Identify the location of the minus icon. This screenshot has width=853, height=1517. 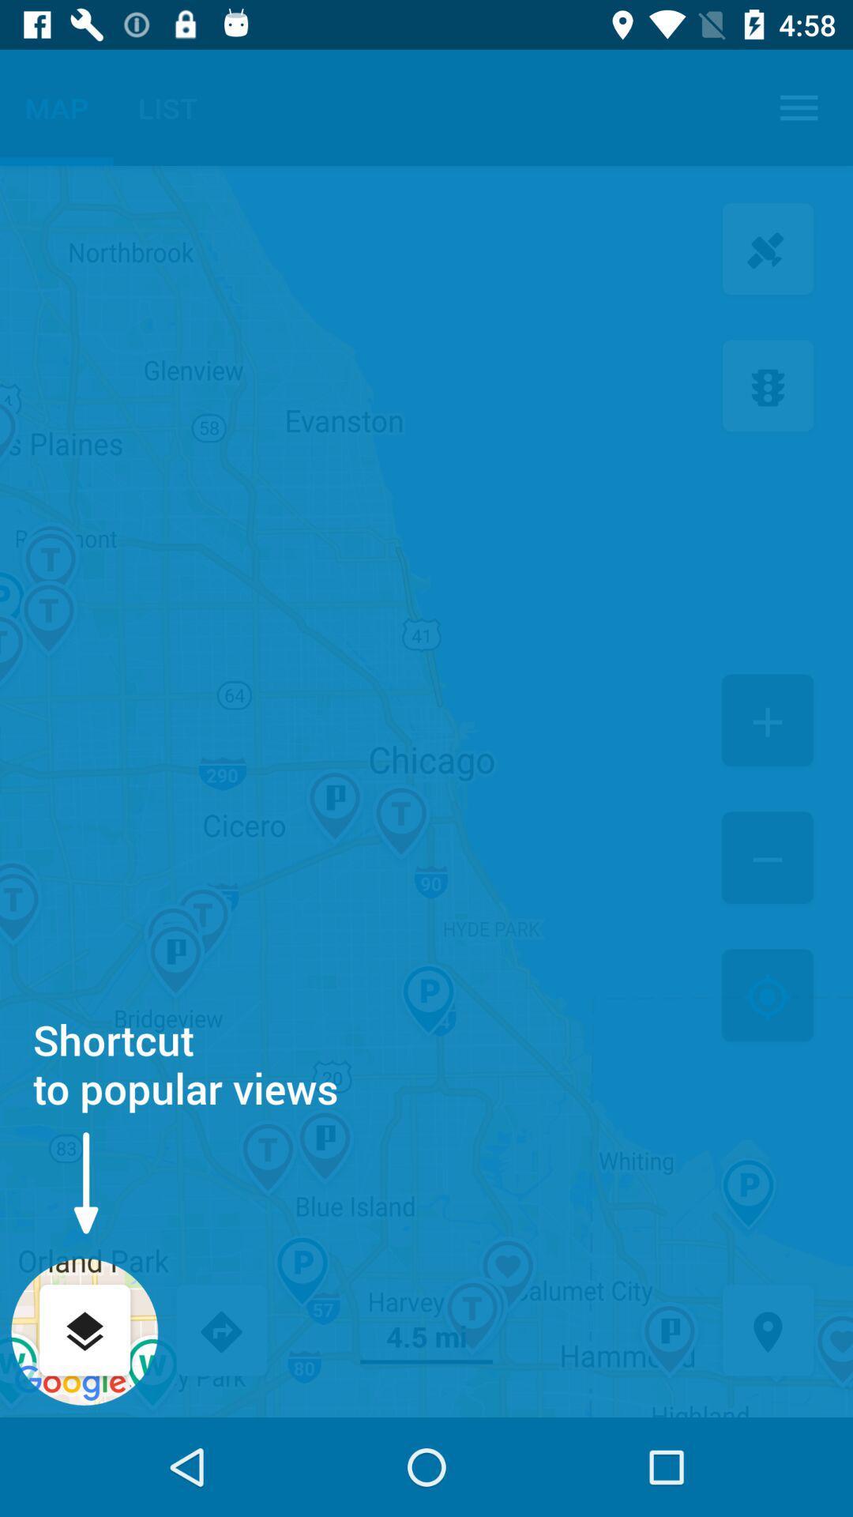
(767, 859).